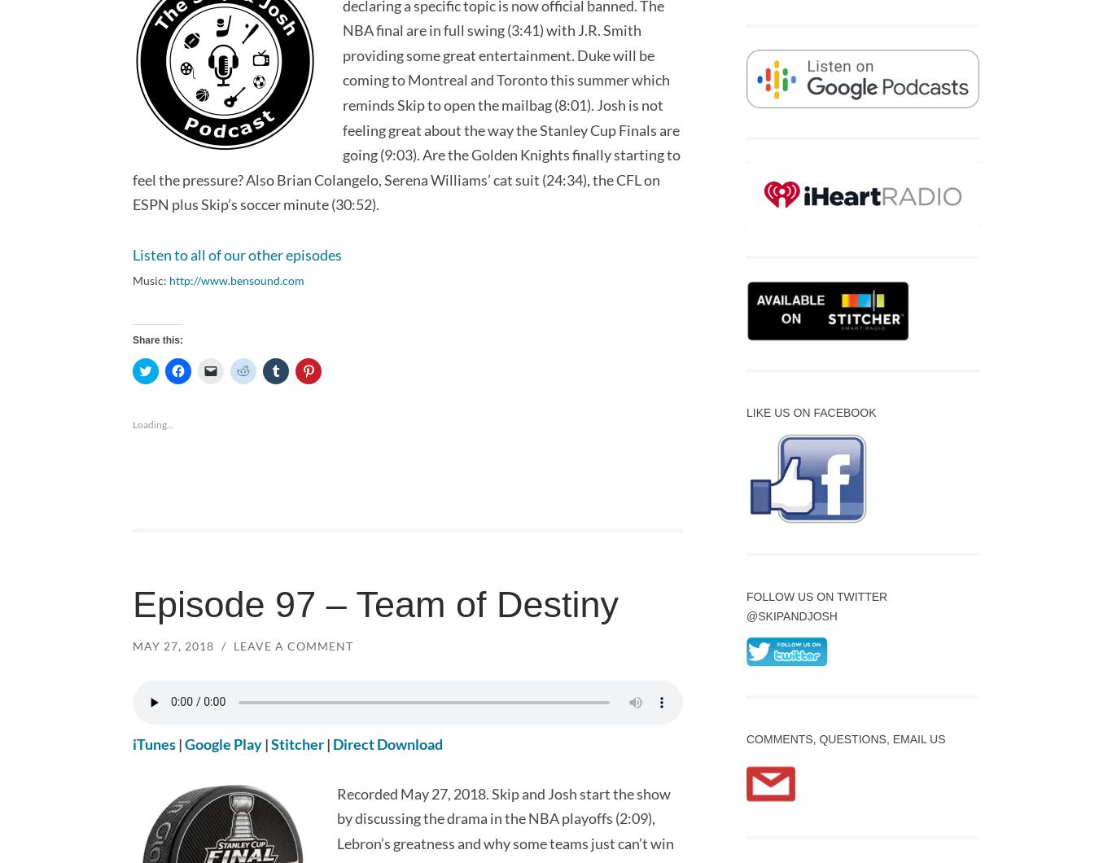 The height and width of the screenshot is (863, 1112). What do you see at coordinates (150, 281) in the screenshot?
I see `'Music:'` at bounding box center [150, 281].